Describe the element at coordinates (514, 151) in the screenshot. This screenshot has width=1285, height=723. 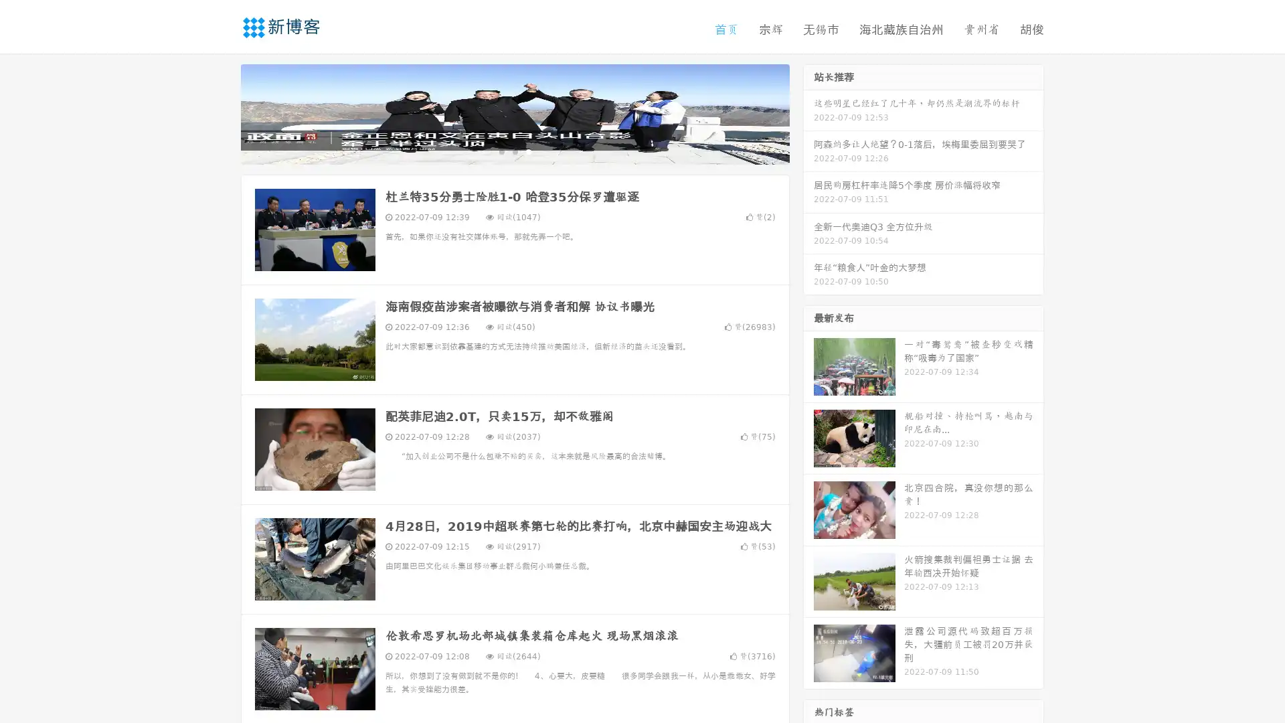
I see `Go to slide 2` at that location.